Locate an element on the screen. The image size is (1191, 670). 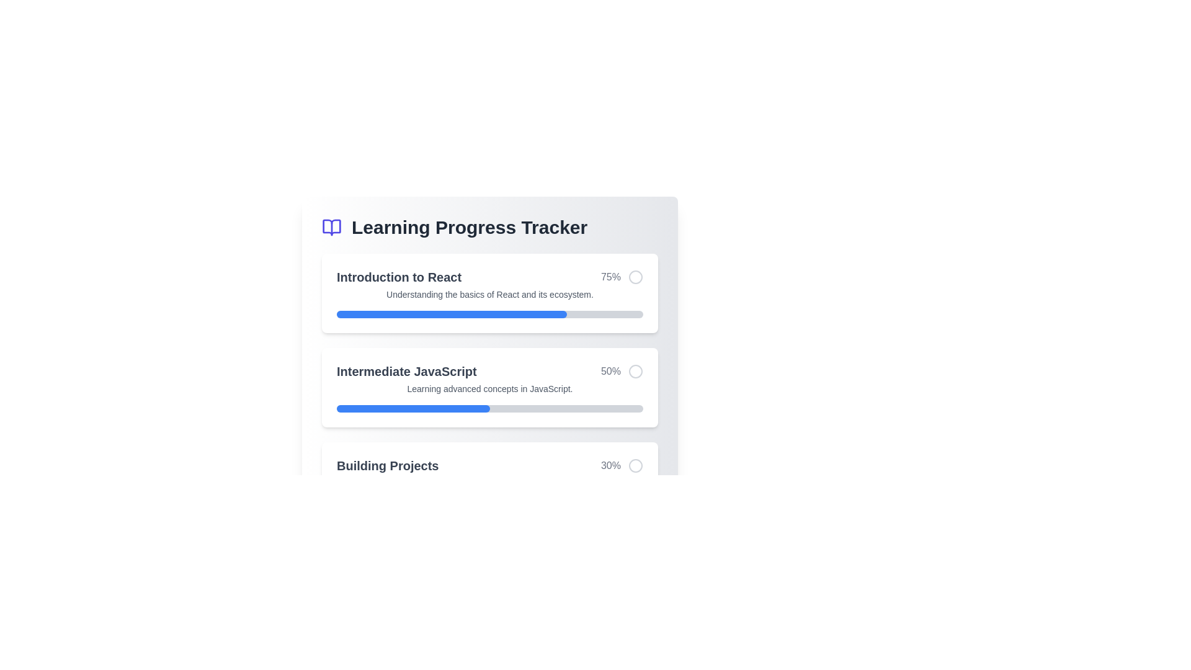
the circular indicator button with a hollow center, styled in light gray, located next to the text '75%' in the 'Introduction to React' row is located at coordinates (636, 277).